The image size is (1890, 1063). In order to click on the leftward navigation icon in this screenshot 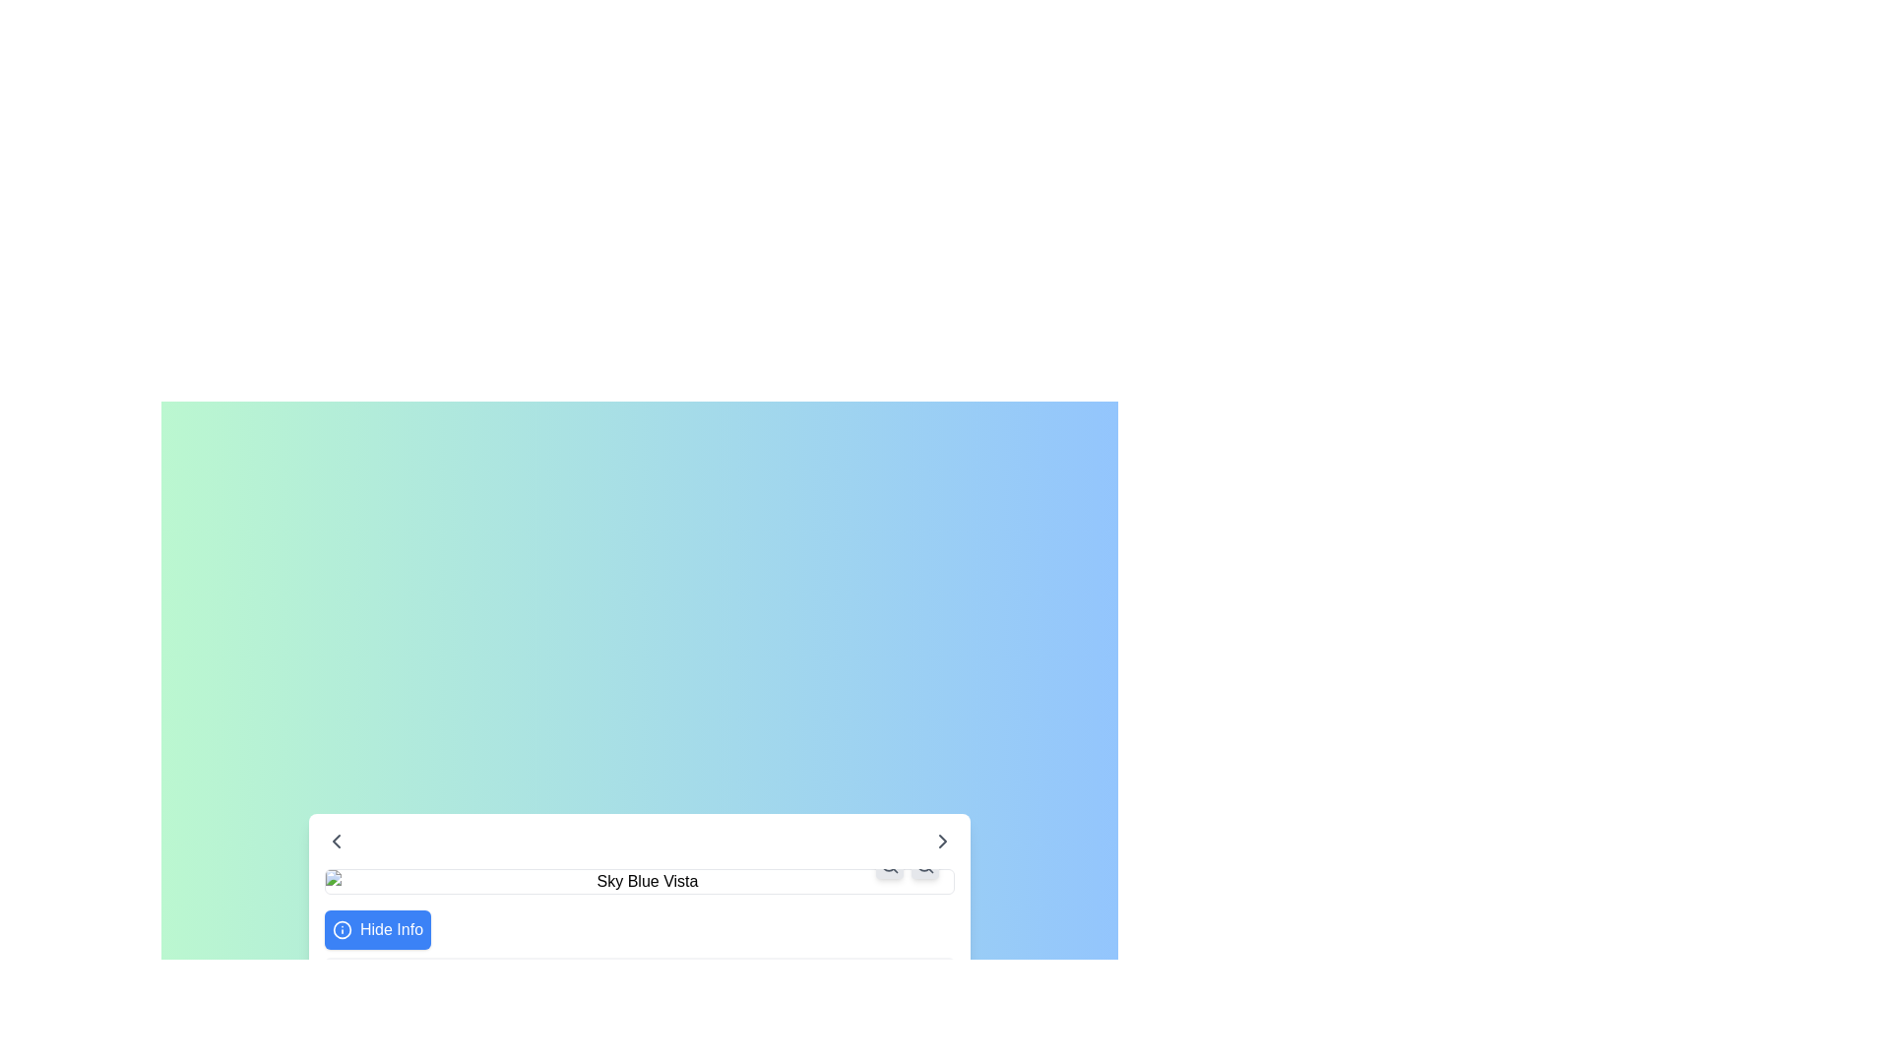, I will do `click(336, 842)`.